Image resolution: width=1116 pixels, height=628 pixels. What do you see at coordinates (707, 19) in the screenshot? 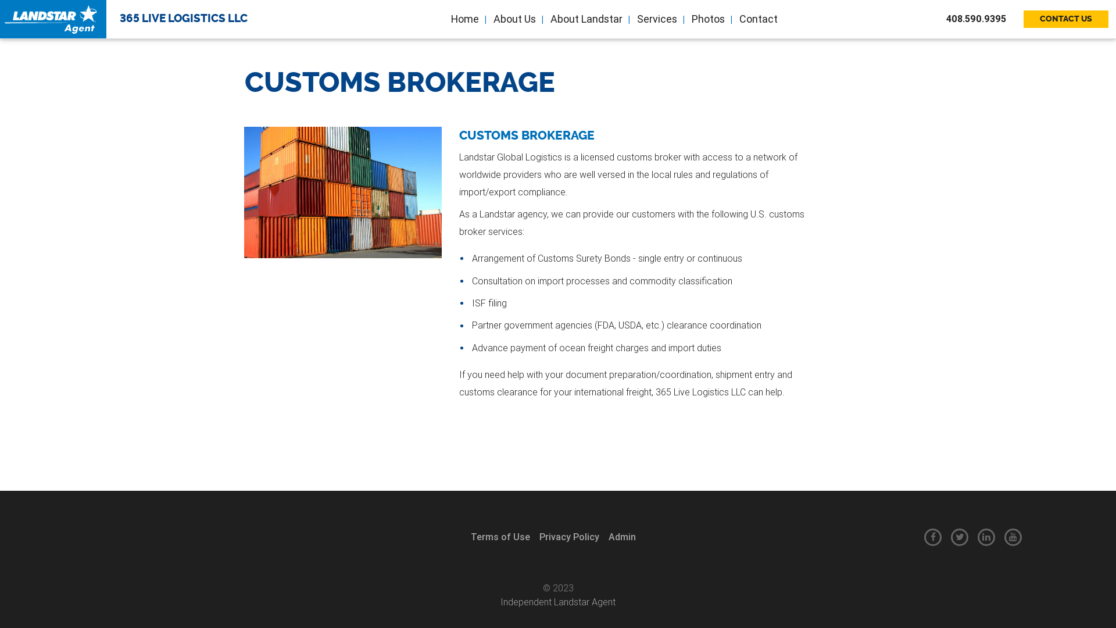
I see `'Photos'` at bounding box center [707, 19].